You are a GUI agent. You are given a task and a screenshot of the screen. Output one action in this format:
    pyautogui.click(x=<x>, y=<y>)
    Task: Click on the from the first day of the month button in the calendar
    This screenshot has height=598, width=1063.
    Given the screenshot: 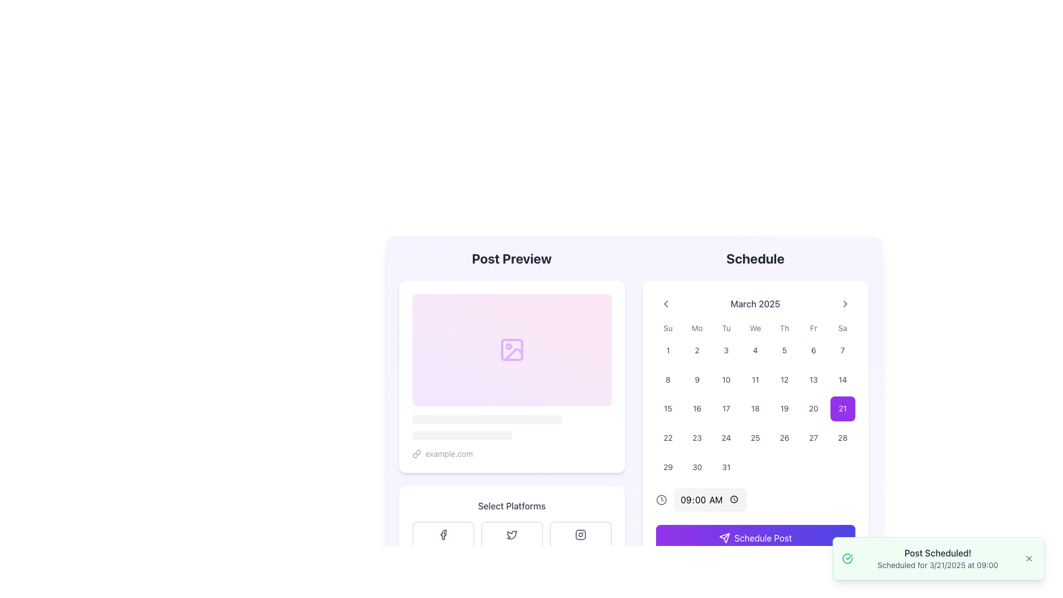 What is the action you would take?
    pyautogui.click(x=667, y=350)
    